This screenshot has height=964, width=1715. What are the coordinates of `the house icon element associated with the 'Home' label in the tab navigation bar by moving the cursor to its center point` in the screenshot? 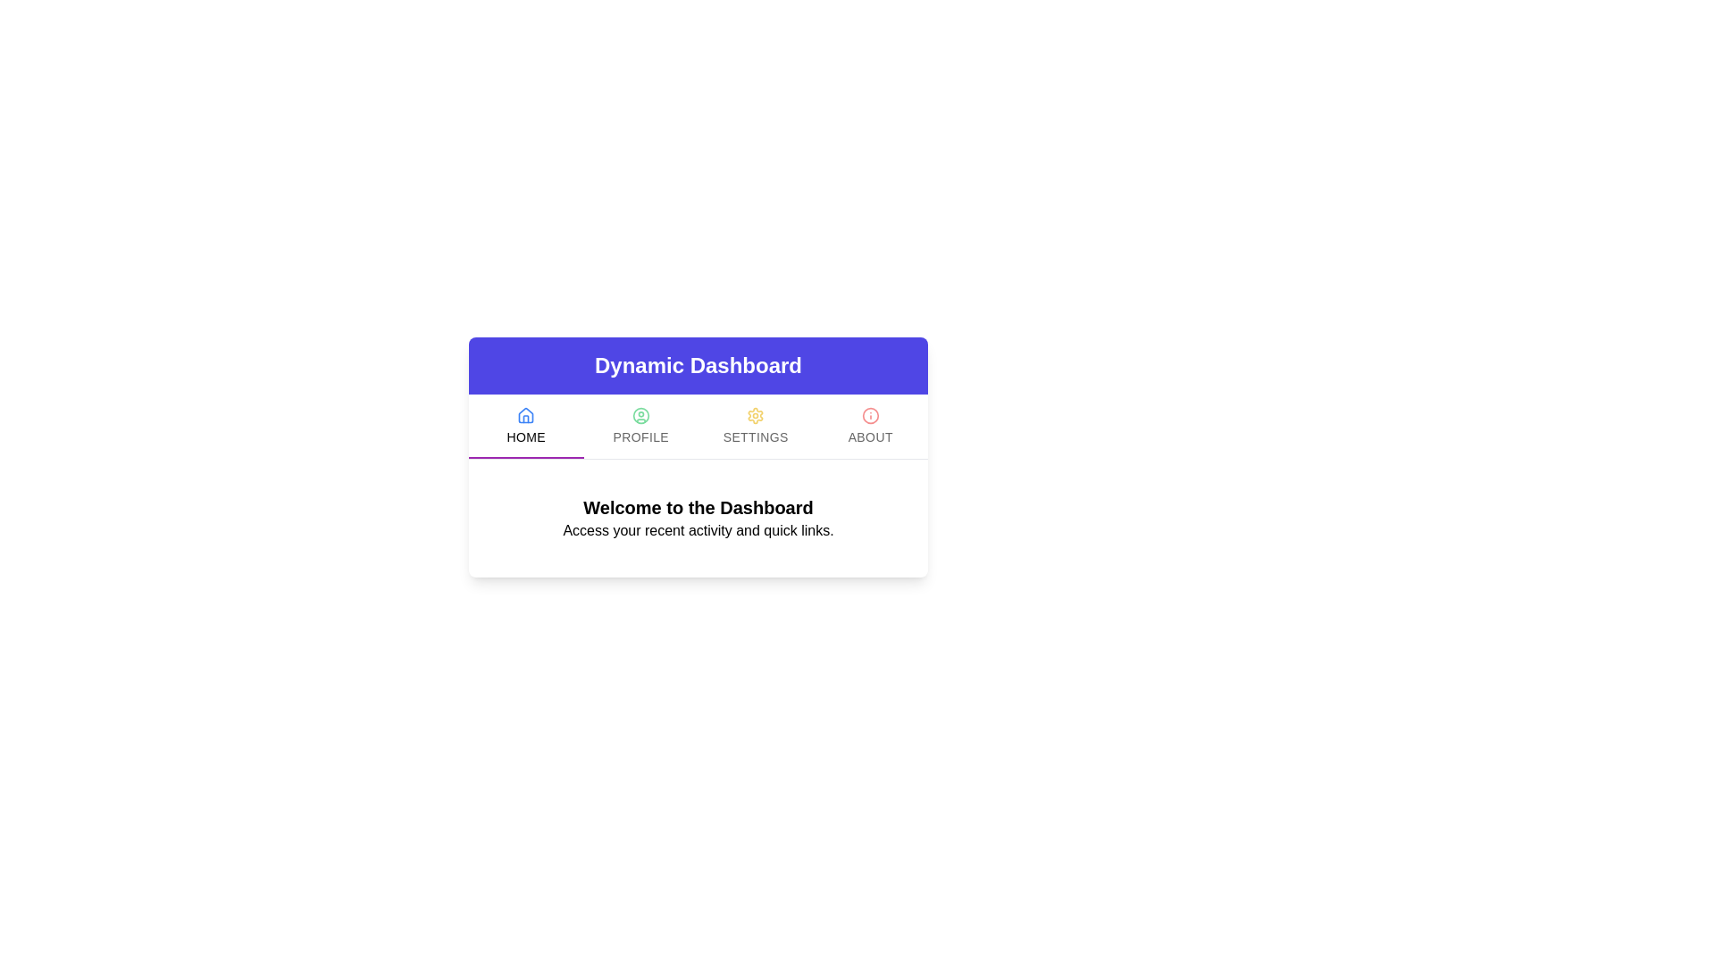 It's located at (525, 416).